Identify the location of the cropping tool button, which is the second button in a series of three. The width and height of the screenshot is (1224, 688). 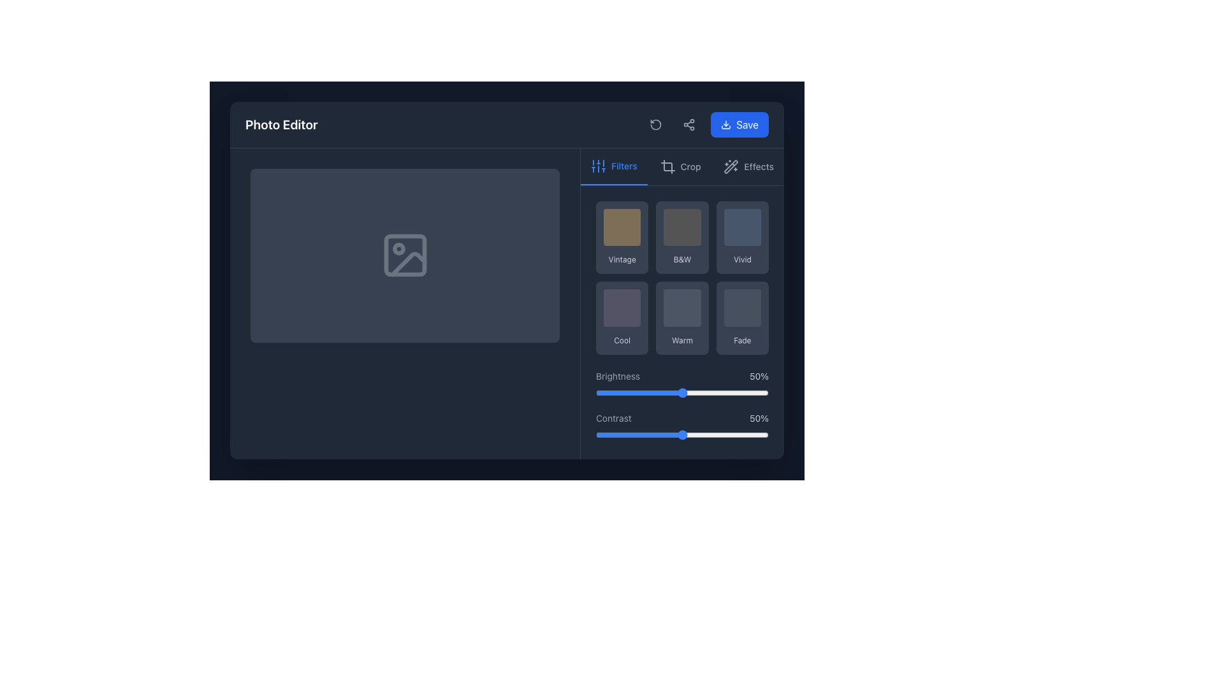
(680, 166).